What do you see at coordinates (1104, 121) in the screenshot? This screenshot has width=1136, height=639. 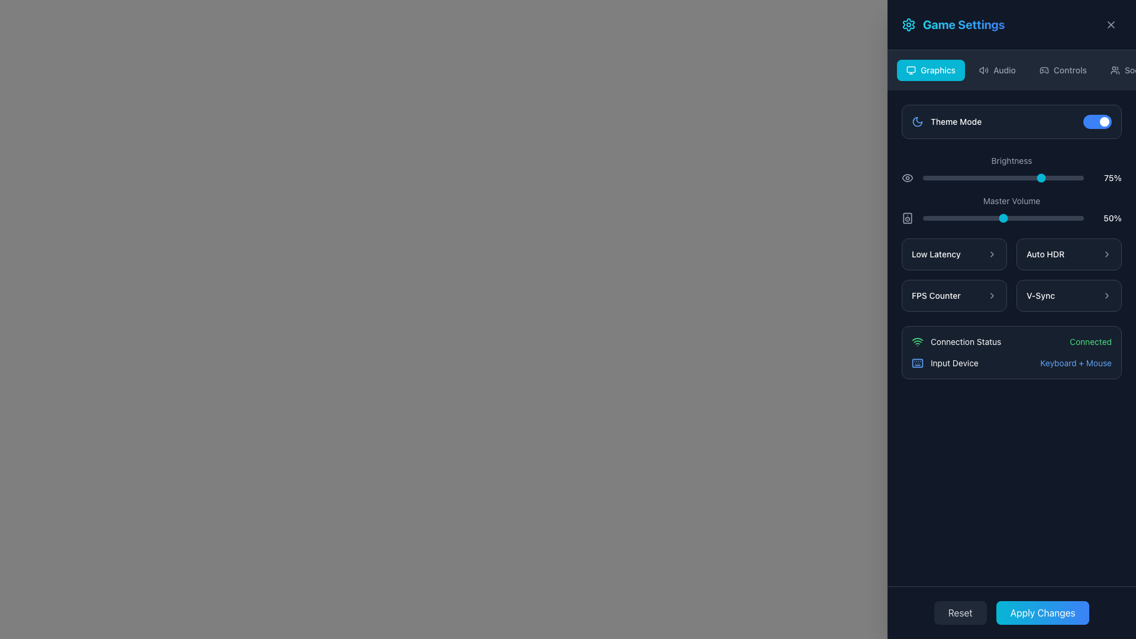 I see `the circular indicator at the far right of the toggle switch` at bounding box center [1104, 121].